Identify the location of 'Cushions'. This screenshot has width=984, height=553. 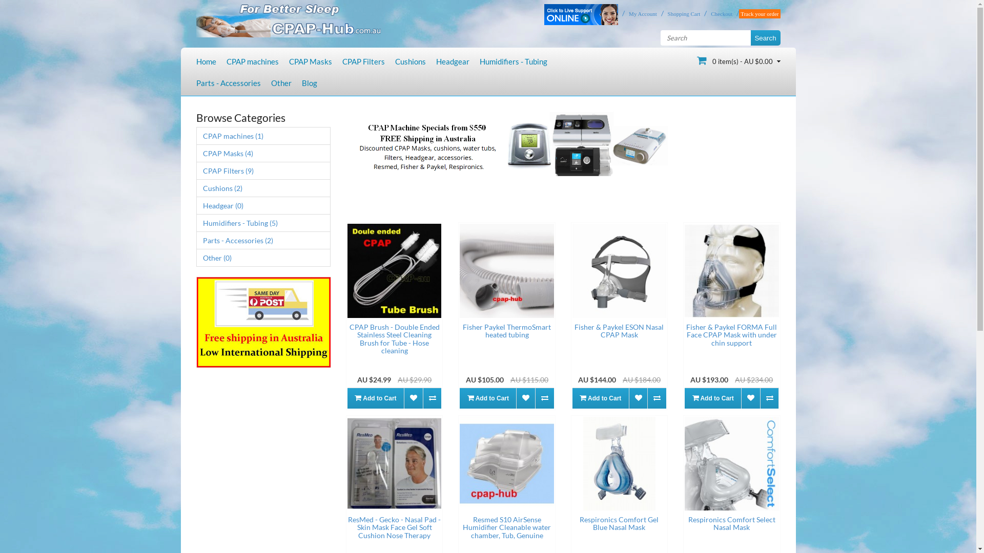
(410, 61).